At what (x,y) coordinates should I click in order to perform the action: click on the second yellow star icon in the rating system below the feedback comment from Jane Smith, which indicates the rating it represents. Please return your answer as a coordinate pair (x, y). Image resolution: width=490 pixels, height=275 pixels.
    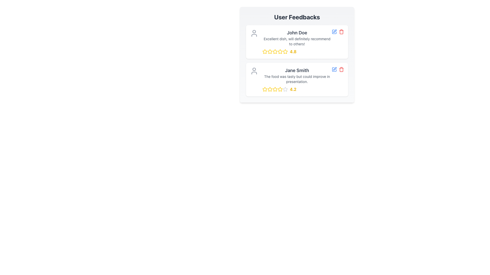
    Looking at the image, I should click on (275, 89).